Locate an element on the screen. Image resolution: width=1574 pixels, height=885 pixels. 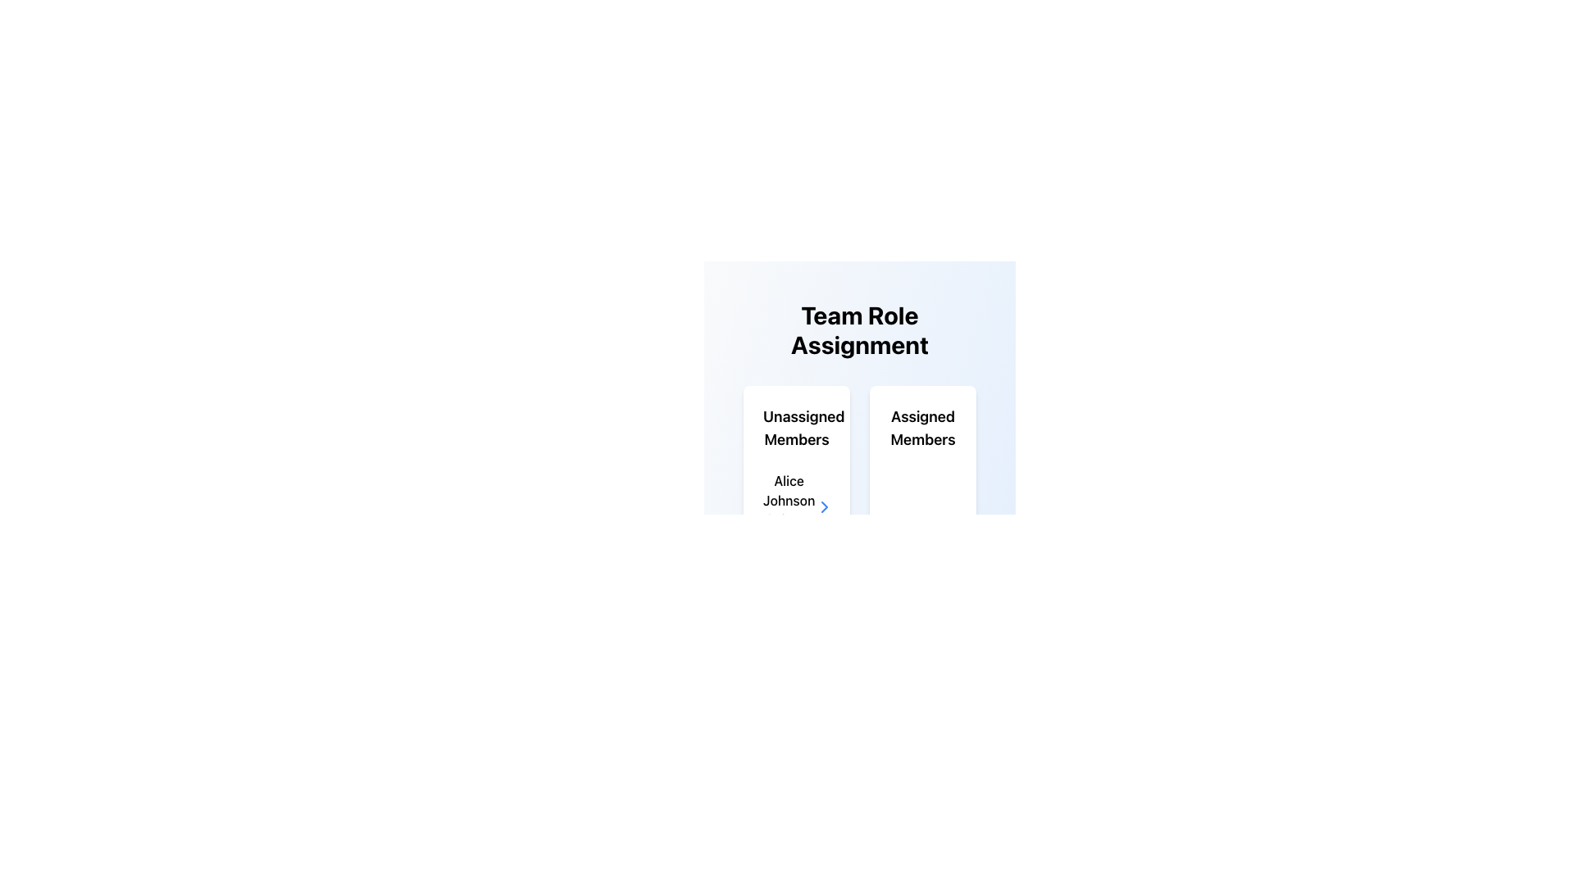
the header text element that introduces the section for team role assignments, referred to as a title is located at coordinates (859, 329).